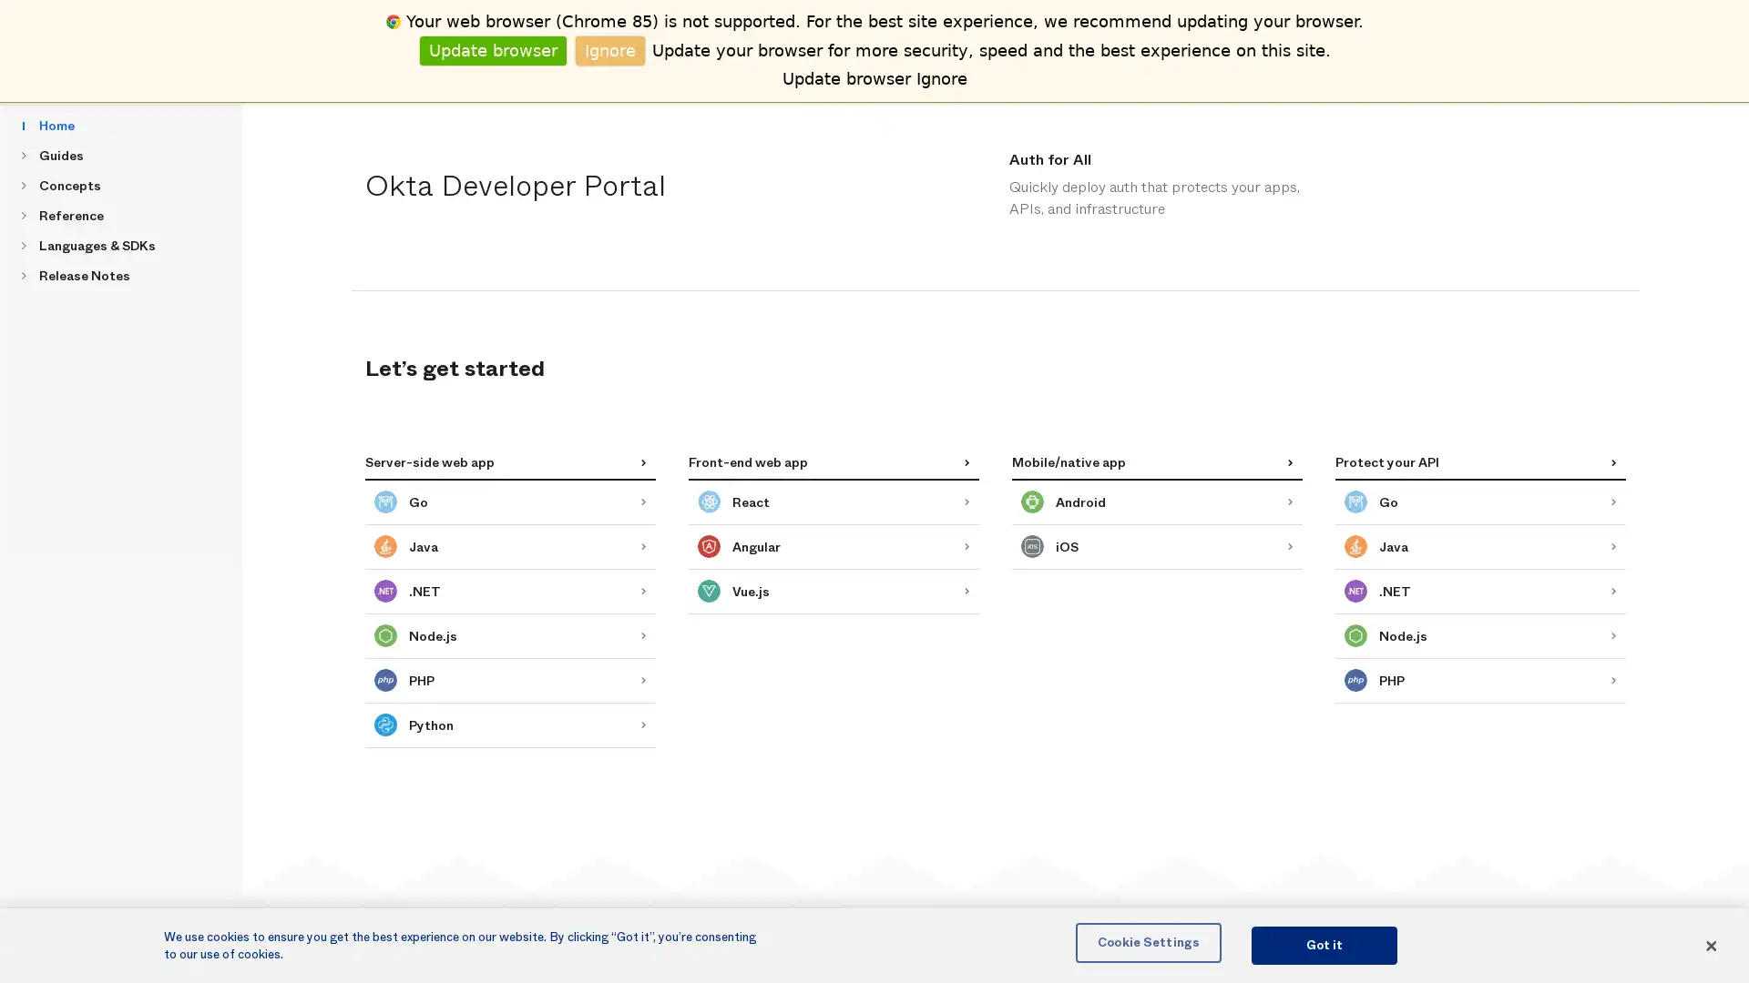 This screenshot has width=1749, height=983. Describe the element at coordinates (515, 38) in the screenshot. I see `Search` at that location.